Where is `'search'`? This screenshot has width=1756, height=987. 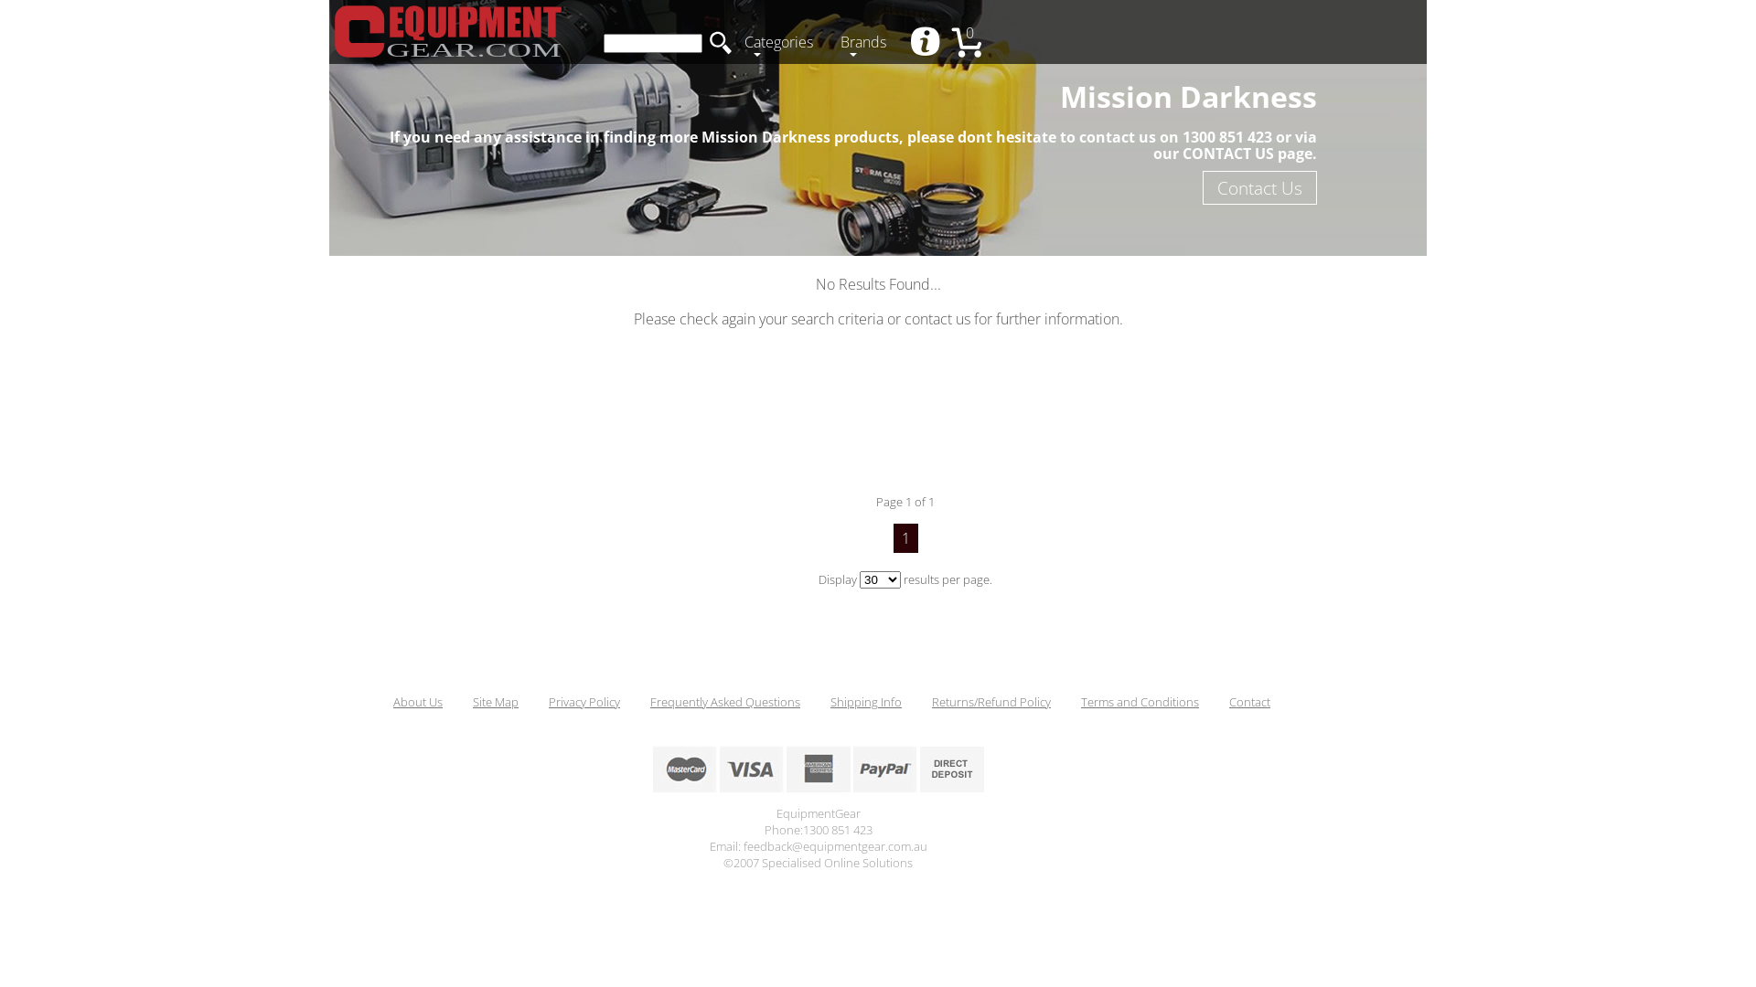 'search' is located at coordinates (719, 41).